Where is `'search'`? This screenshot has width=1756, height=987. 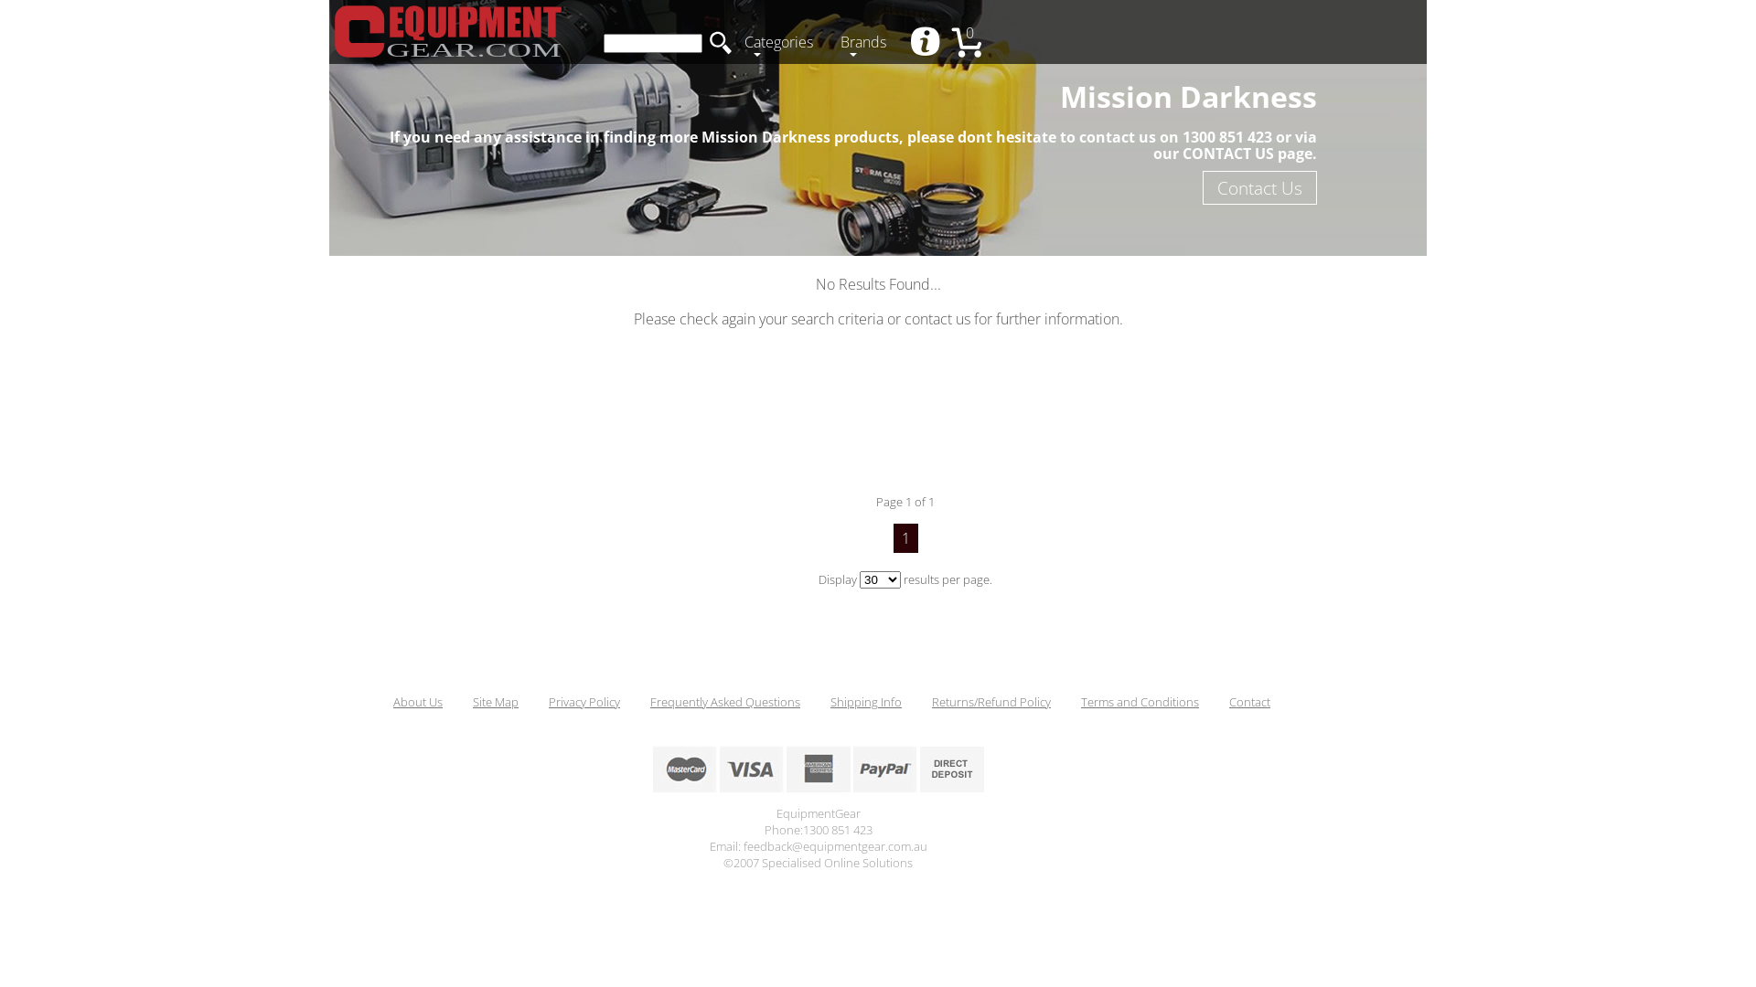 'search' is located at coordinates (719, 41).